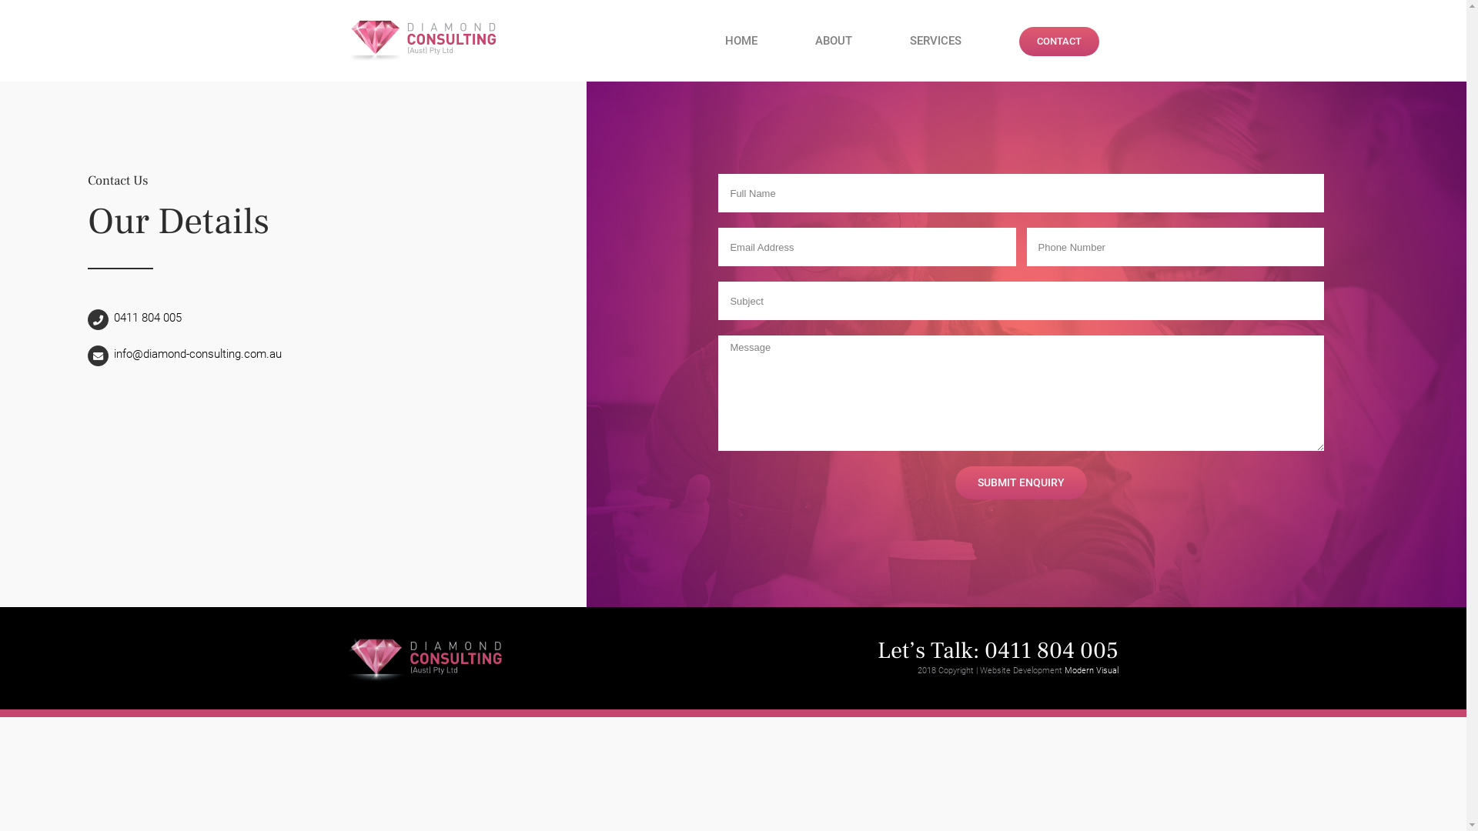  Describe the element at coordinates (934, 40) in the screenshot. I see `'SERVICES'` at that location.